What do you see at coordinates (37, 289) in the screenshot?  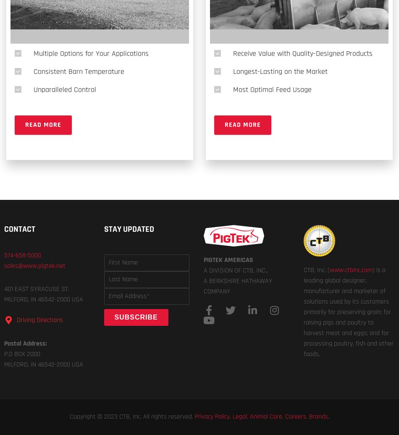 I see `'401 EAST SYRACUSE ST.'` at bounding box center [37, 289].